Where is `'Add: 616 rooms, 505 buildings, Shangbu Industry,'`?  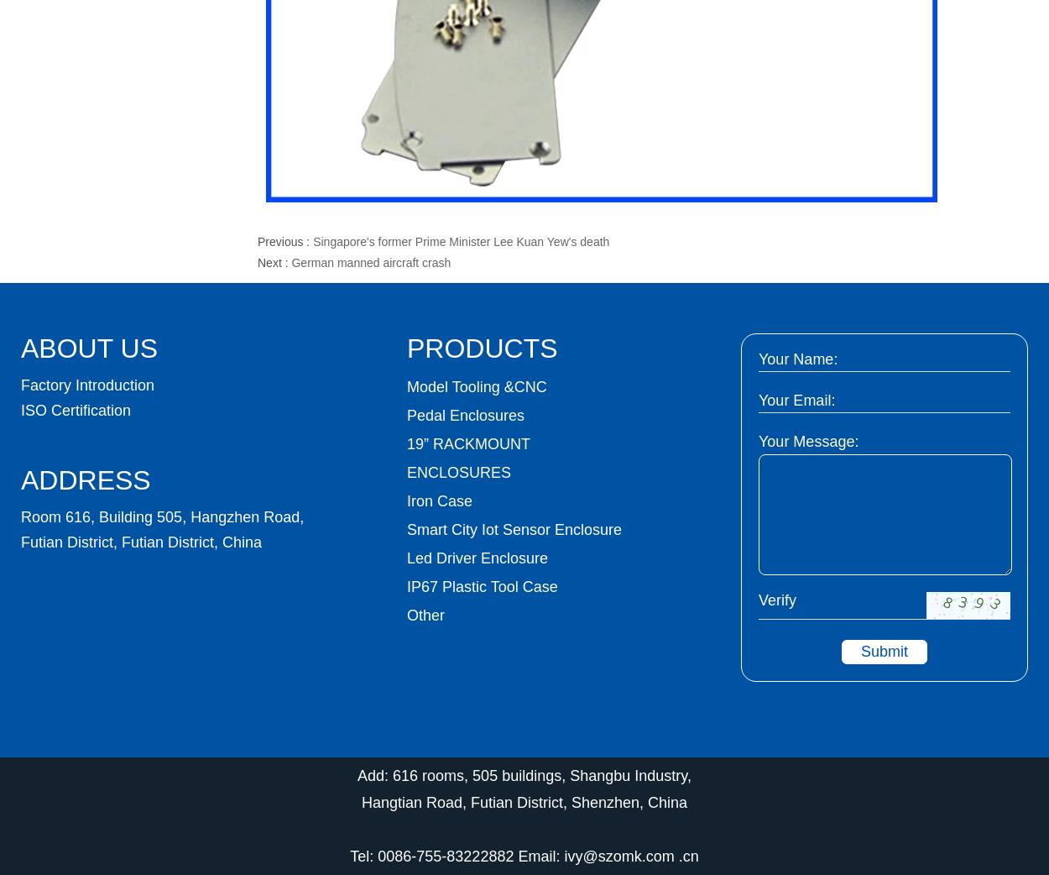
'Add: 616 rooms, 505 buildings, Shangbu Industry,' is located at coordinates (523, 774).